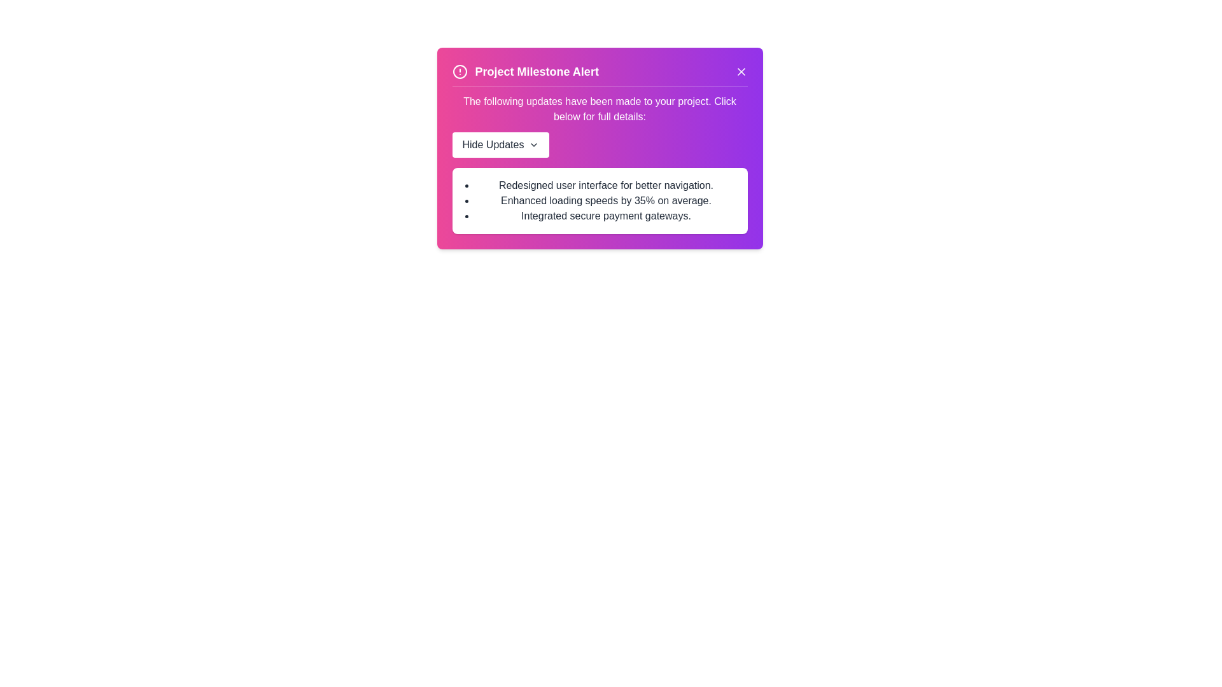 The height and width of the screenshot is (687, 1222). What do you see at coordinates (500, 144) in the screenshot?
I see `the 'Hide Updates' button to toggle the visibility of detailed updates` at bounding box center [500, 144].